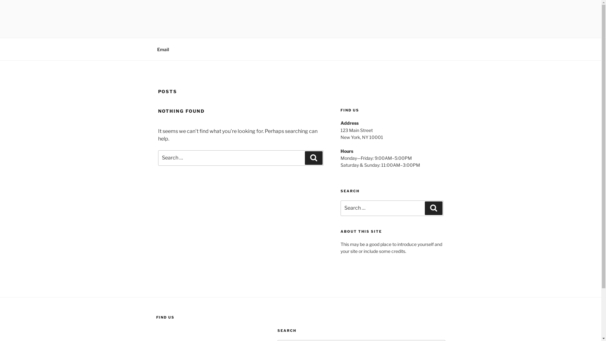 This screenshot has width=606, height=341. What do you see at coordinates (433, 208) in the screenshot?
I see `'Search'` at bounding box center [433, 208].